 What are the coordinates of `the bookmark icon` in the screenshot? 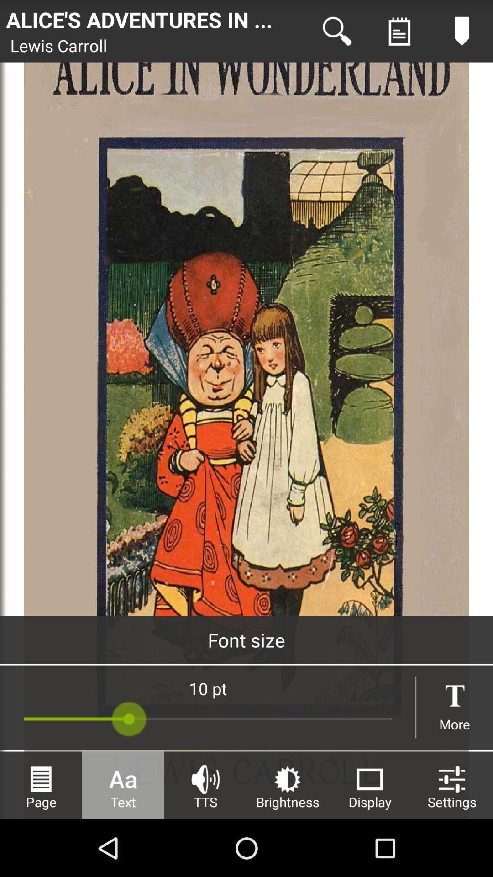 It's located at (462, 33).